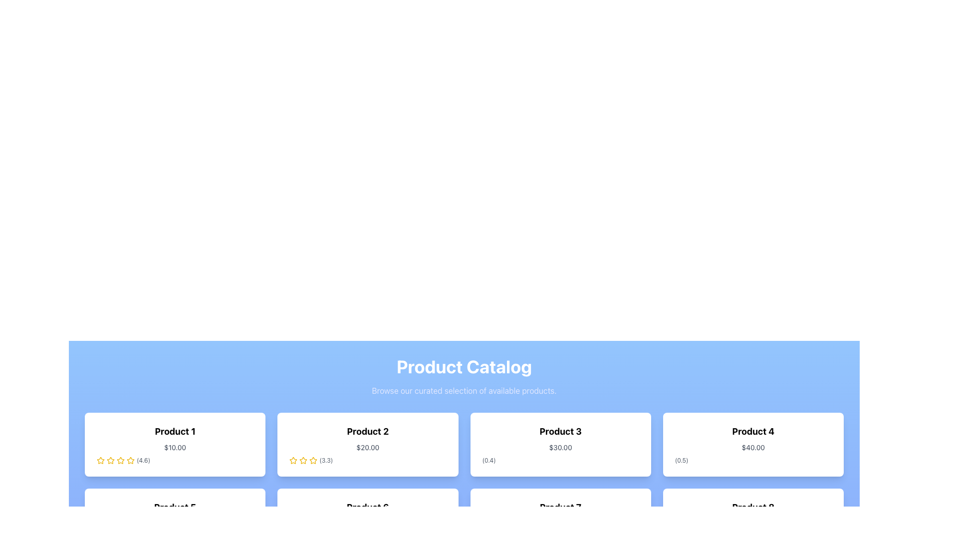 The height and width of the screenshot is (539, 958). Describe the element at coordinates (175, 447) in the screenshot. I see `the price label displaying '$10.00' located below the product title of 'Product 1'` at that location.